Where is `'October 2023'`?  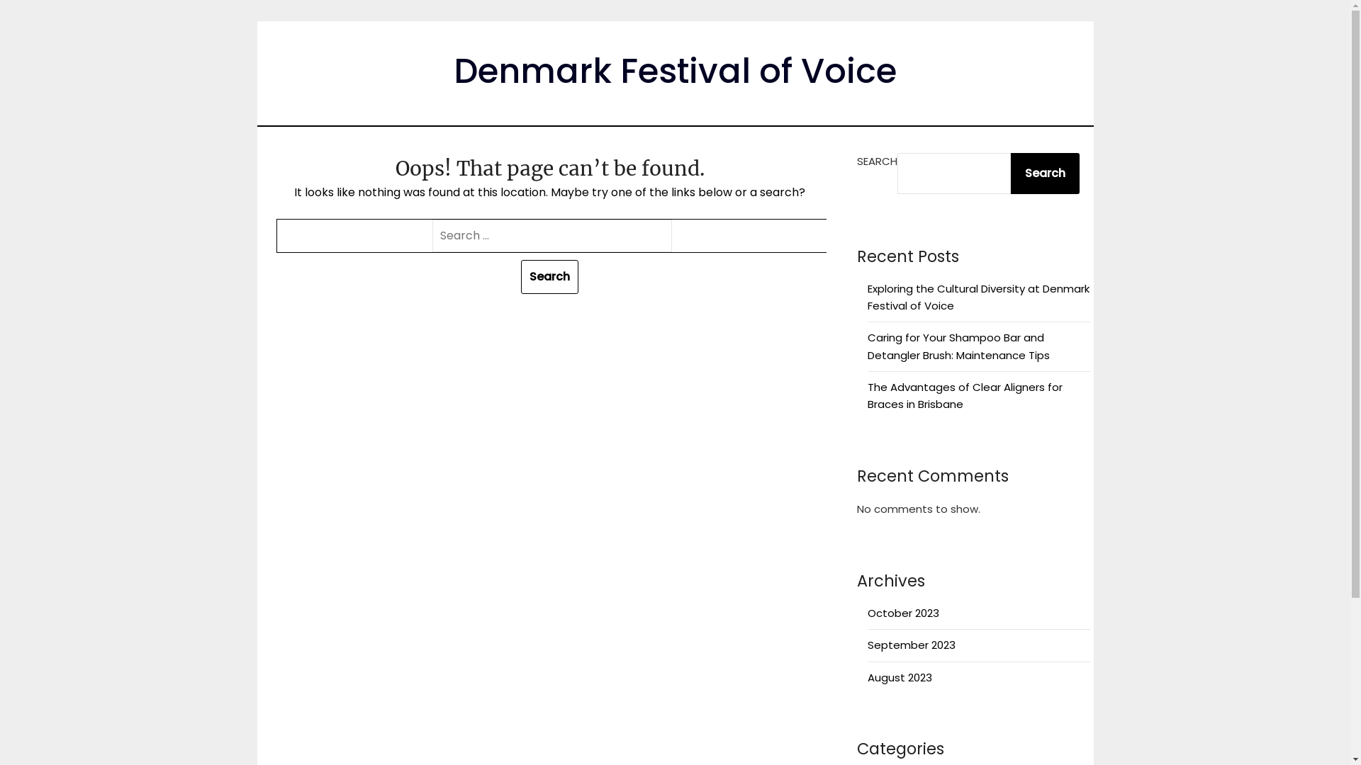 'October 2023' is located at coordinates (902, 612).